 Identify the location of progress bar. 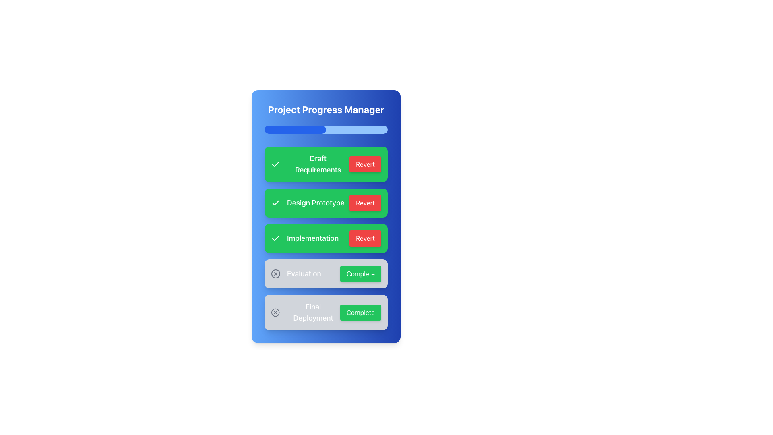
(320, 129).